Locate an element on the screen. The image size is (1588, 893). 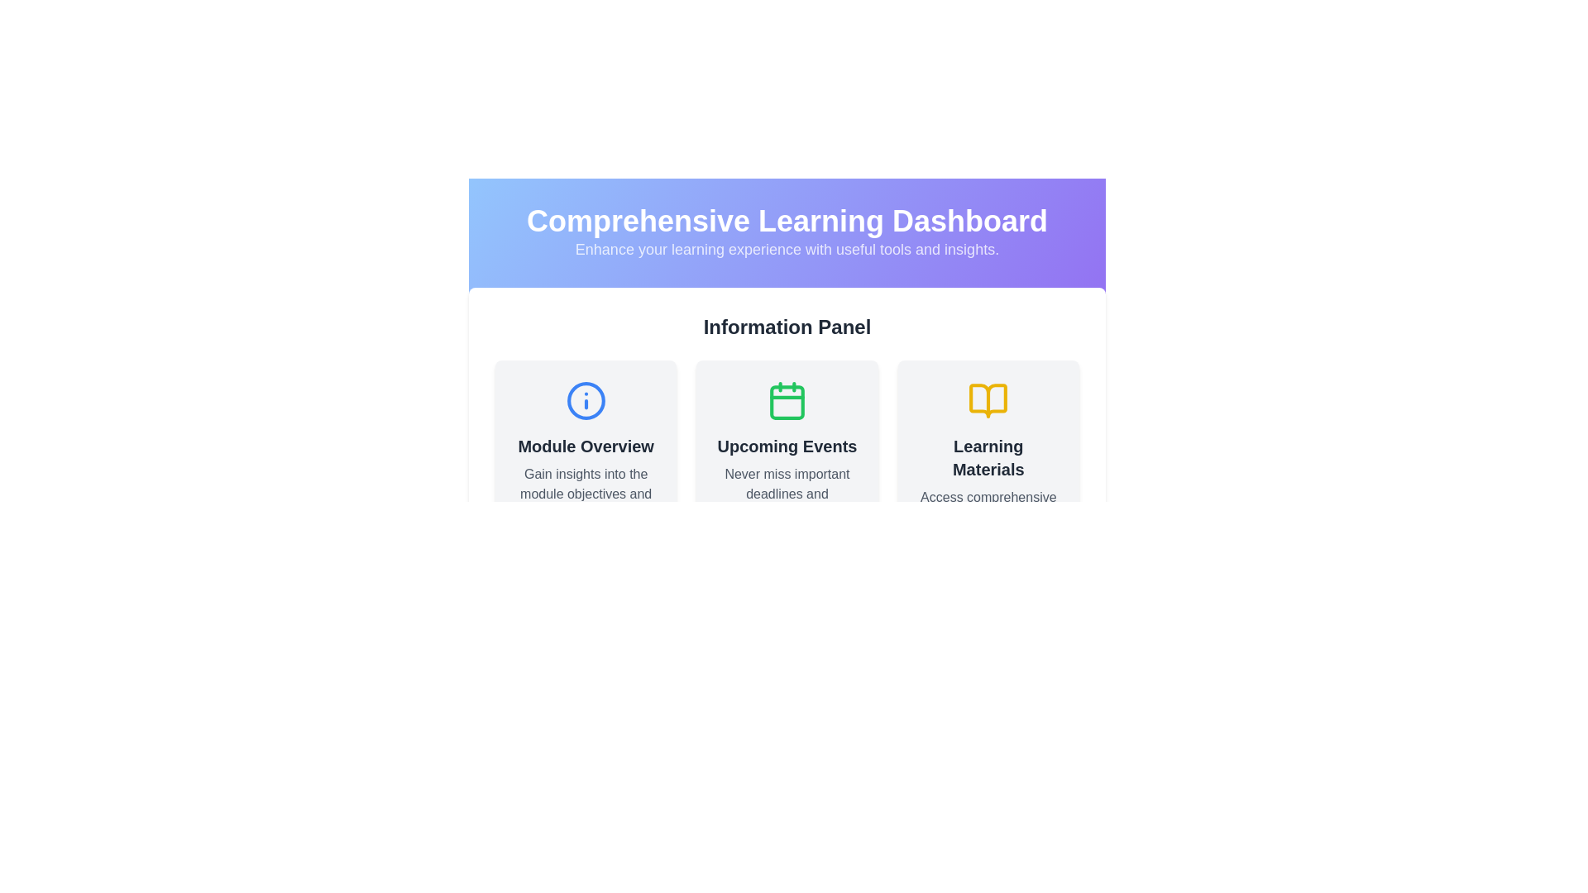
information presented in the Informational card located in the center column of the three-column grid layout, which highlights upcoming events and deadlines is located at coordinates (786, 463).